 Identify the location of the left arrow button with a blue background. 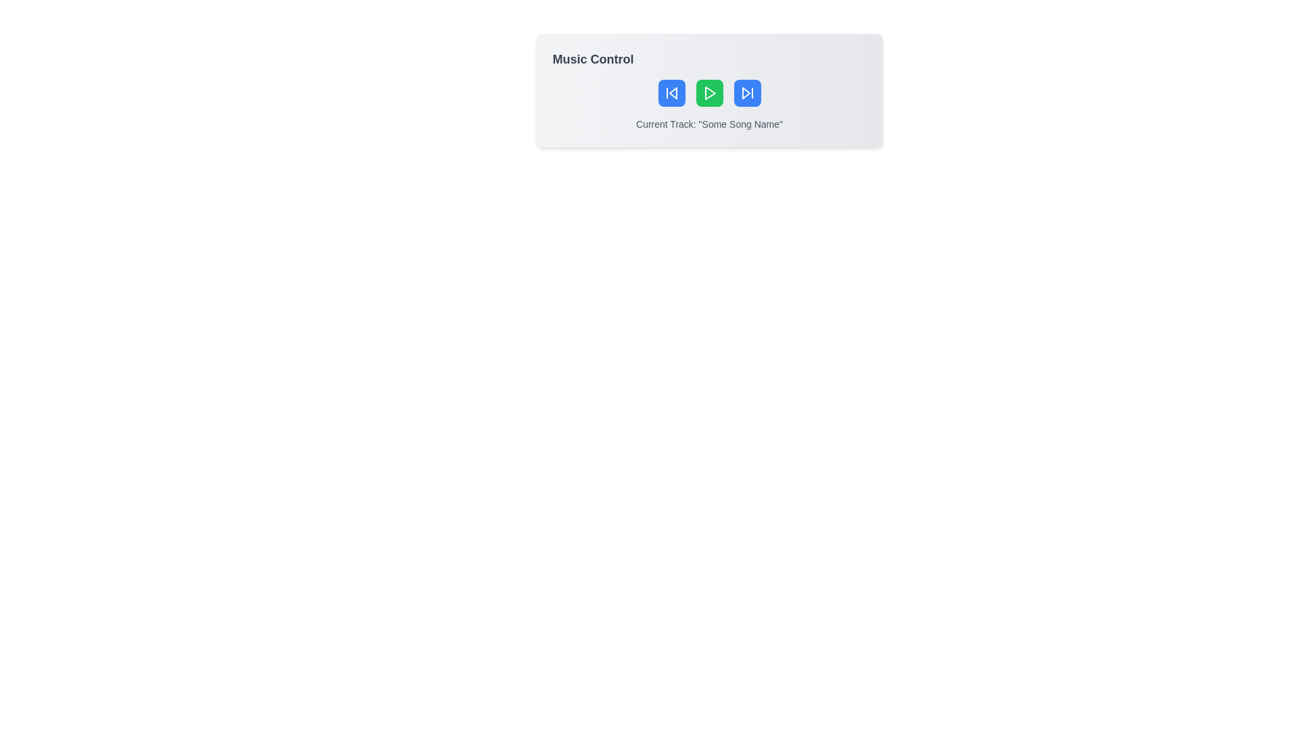
(673, 93).